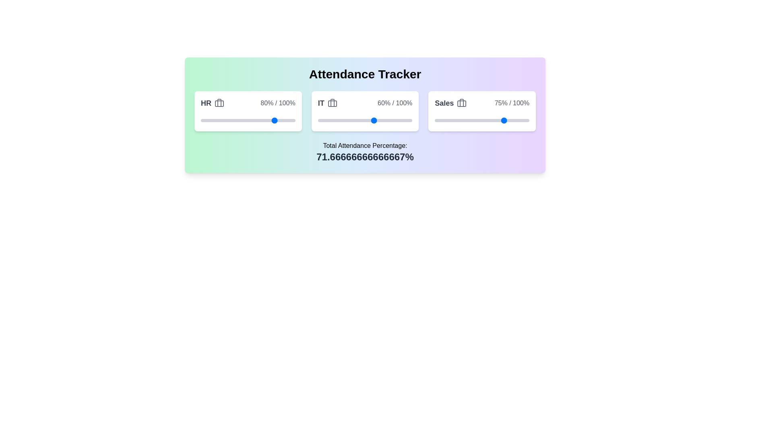 The image size is (773, 434). Describe the element at coordinates (358, 121) in the screenshot. I see `the slider value` at that location.